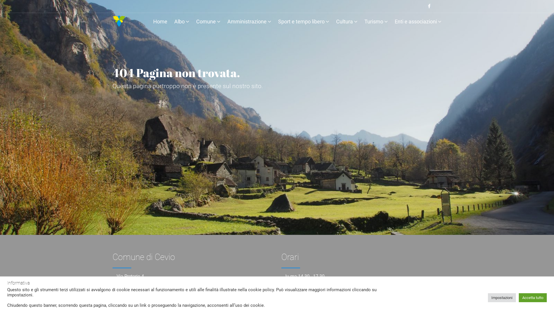 The image size is (554, 312). Describe the element at coordinates (501, 297) in the screenshot. I see `'Impostazioni'` at that location.